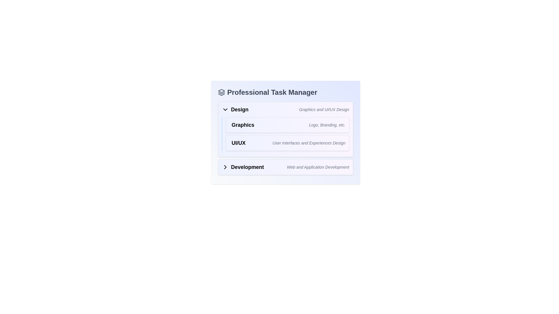  I want to click on the second list item component marked as non-interactive, which features a gradient background and contains 'UI/UX' and 'User Interfaces and Experiences Design' text, so click(287, 143).